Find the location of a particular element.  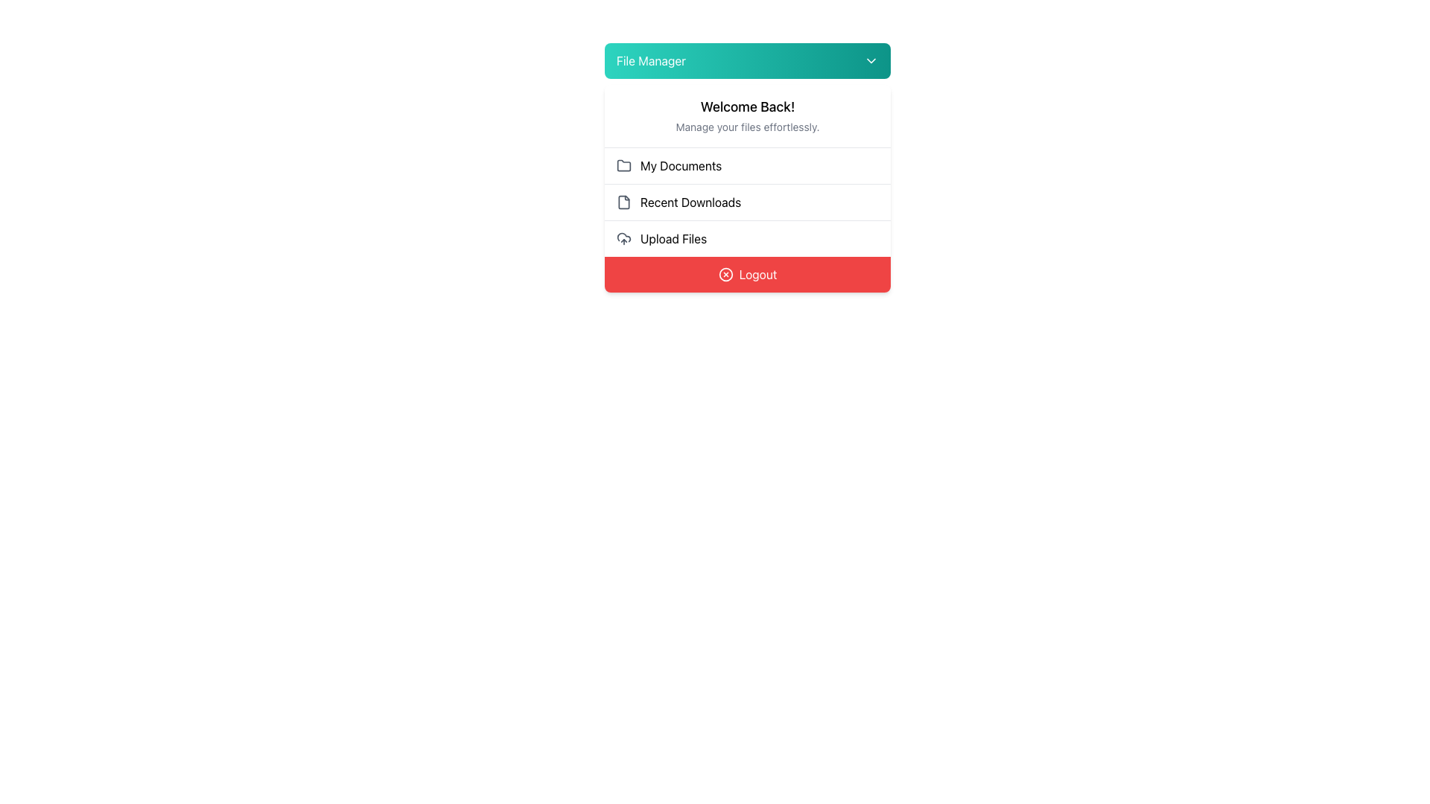

the SVG Circle element which is part of the notification or close button icon, located within the Logout button at the bottom of the user interface panel is located at coordinates (725, 275).